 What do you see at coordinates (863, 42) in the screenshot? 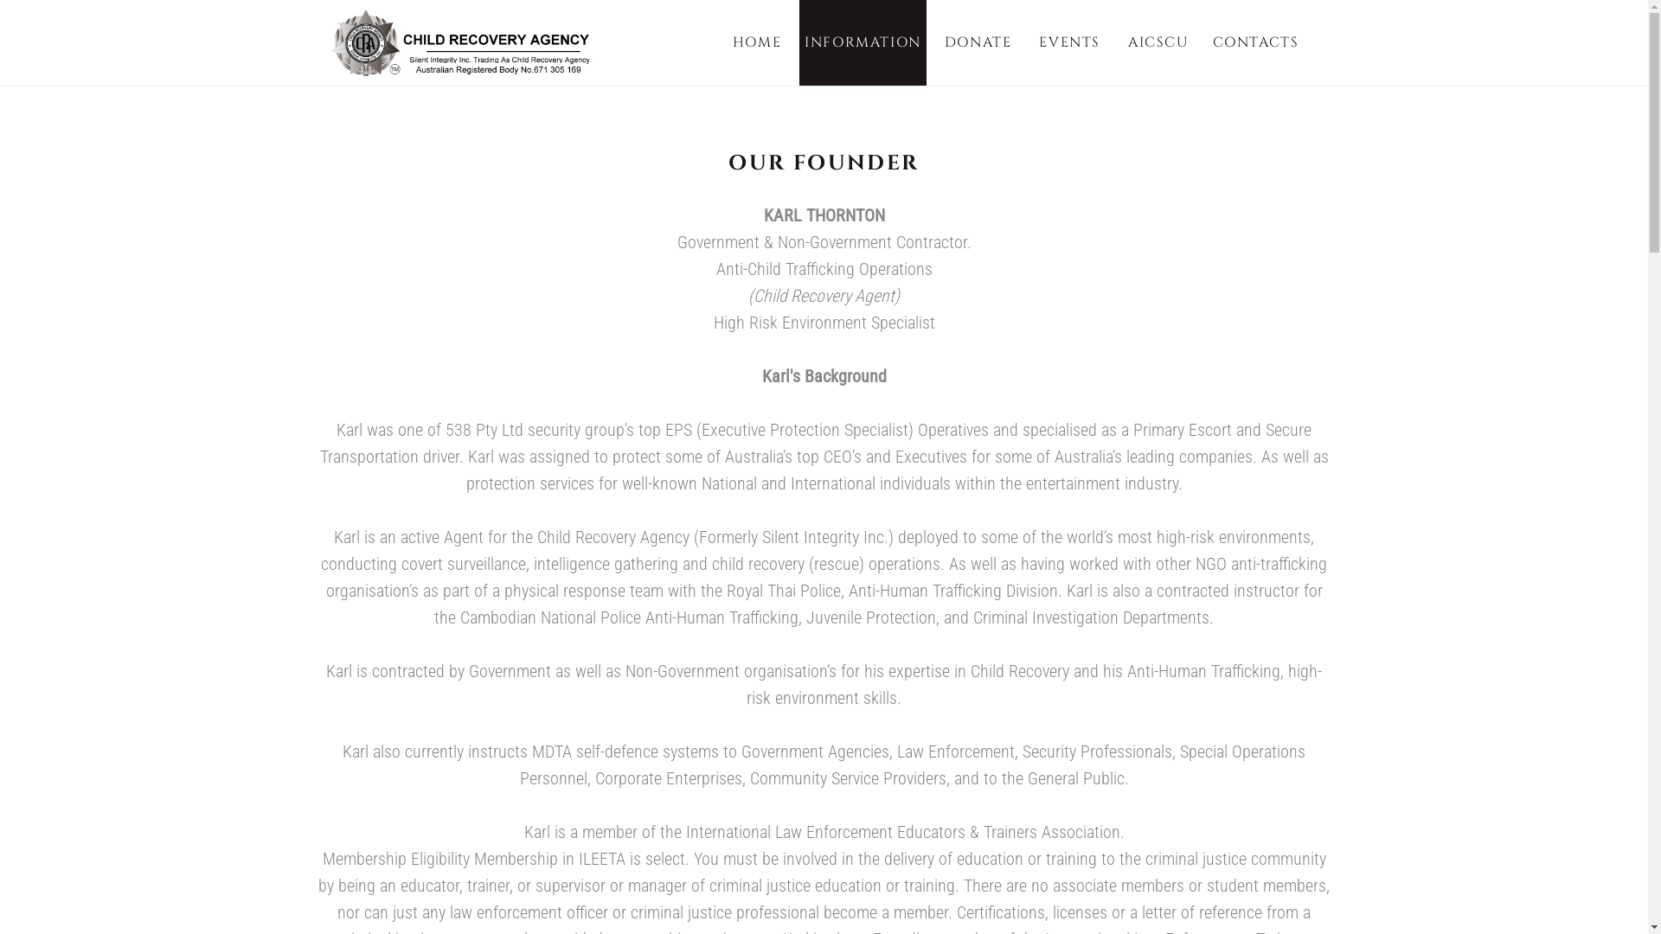
I see `'INFORMATION'` at bounding box center [863, 42].